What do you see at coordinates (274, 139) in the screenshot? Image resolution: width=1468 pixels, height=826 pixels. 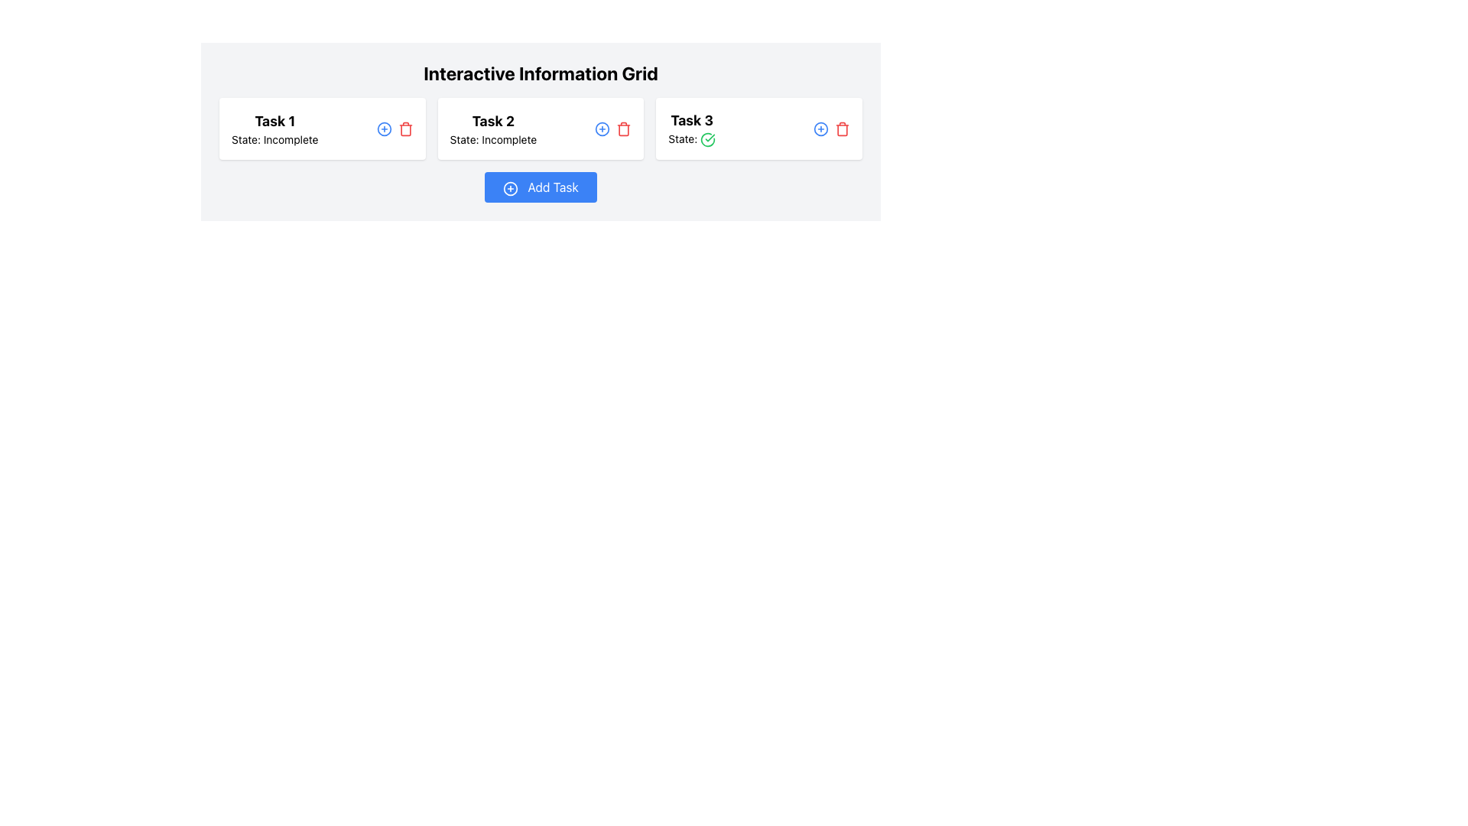 I see `the text label displaying 'State: Incomplete' which is located directly beneath the 'Task 1' label in the first task card of the grid layout` at bounding box center [274, 139].